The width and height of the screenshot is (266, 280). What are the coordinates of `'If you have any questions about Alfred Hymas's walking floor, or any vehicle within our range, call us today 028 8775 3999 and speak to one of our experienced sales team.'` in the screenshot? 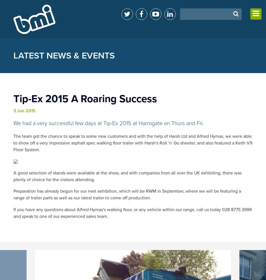 It's located at (132, 213).